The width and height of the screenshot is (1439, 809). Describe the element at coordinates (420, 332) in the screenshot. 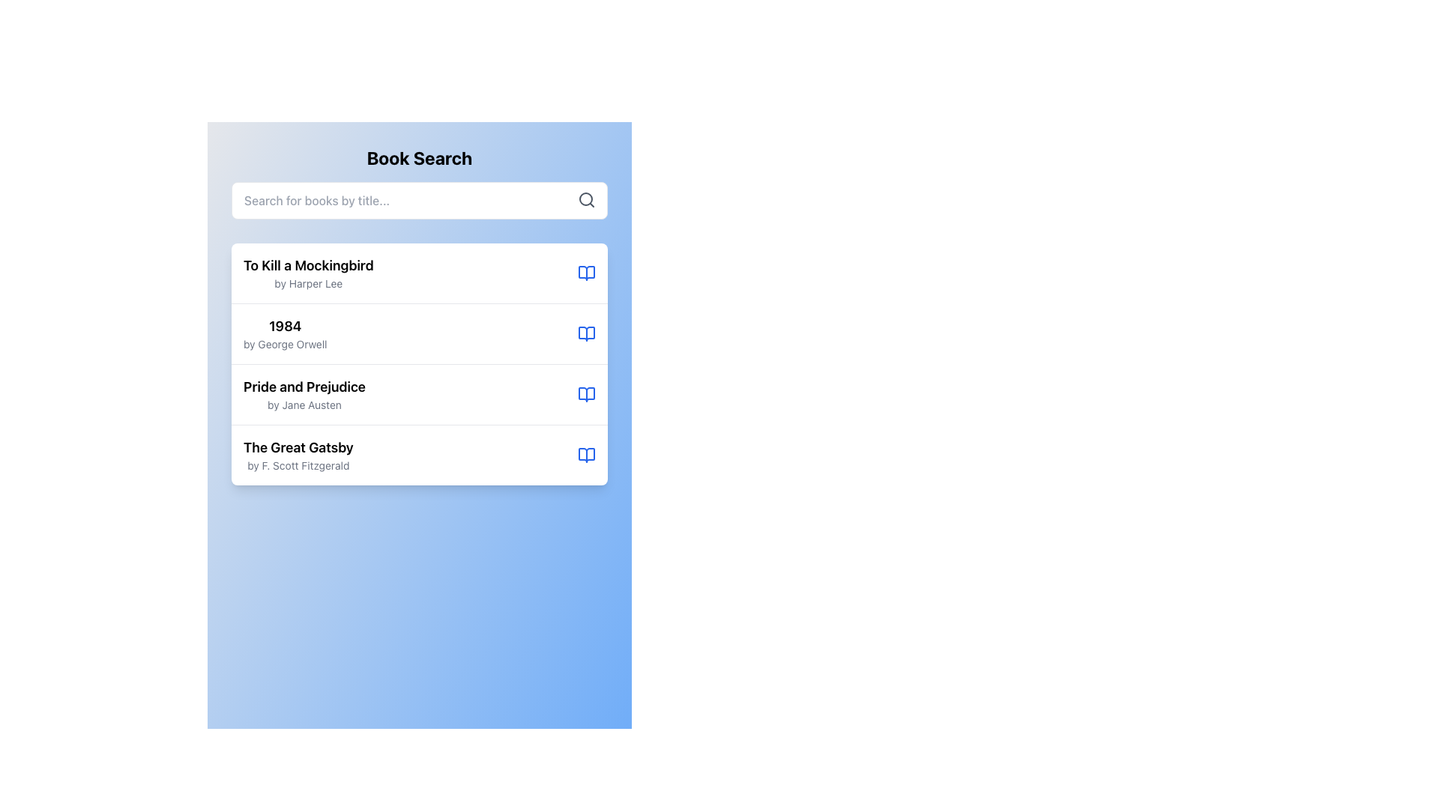

I see `the list item titled '1984' by George Orwell` at that location.